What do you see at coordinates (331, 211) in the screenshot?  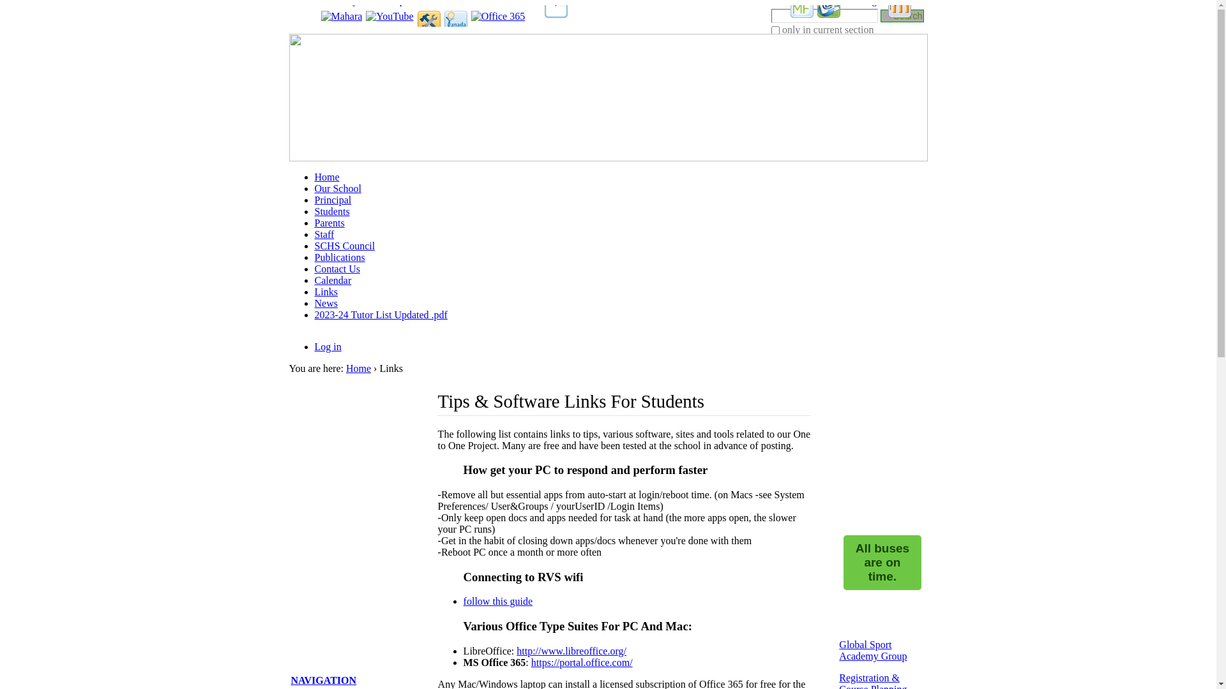 I see `'Students'` at bounding box center [331, 211].